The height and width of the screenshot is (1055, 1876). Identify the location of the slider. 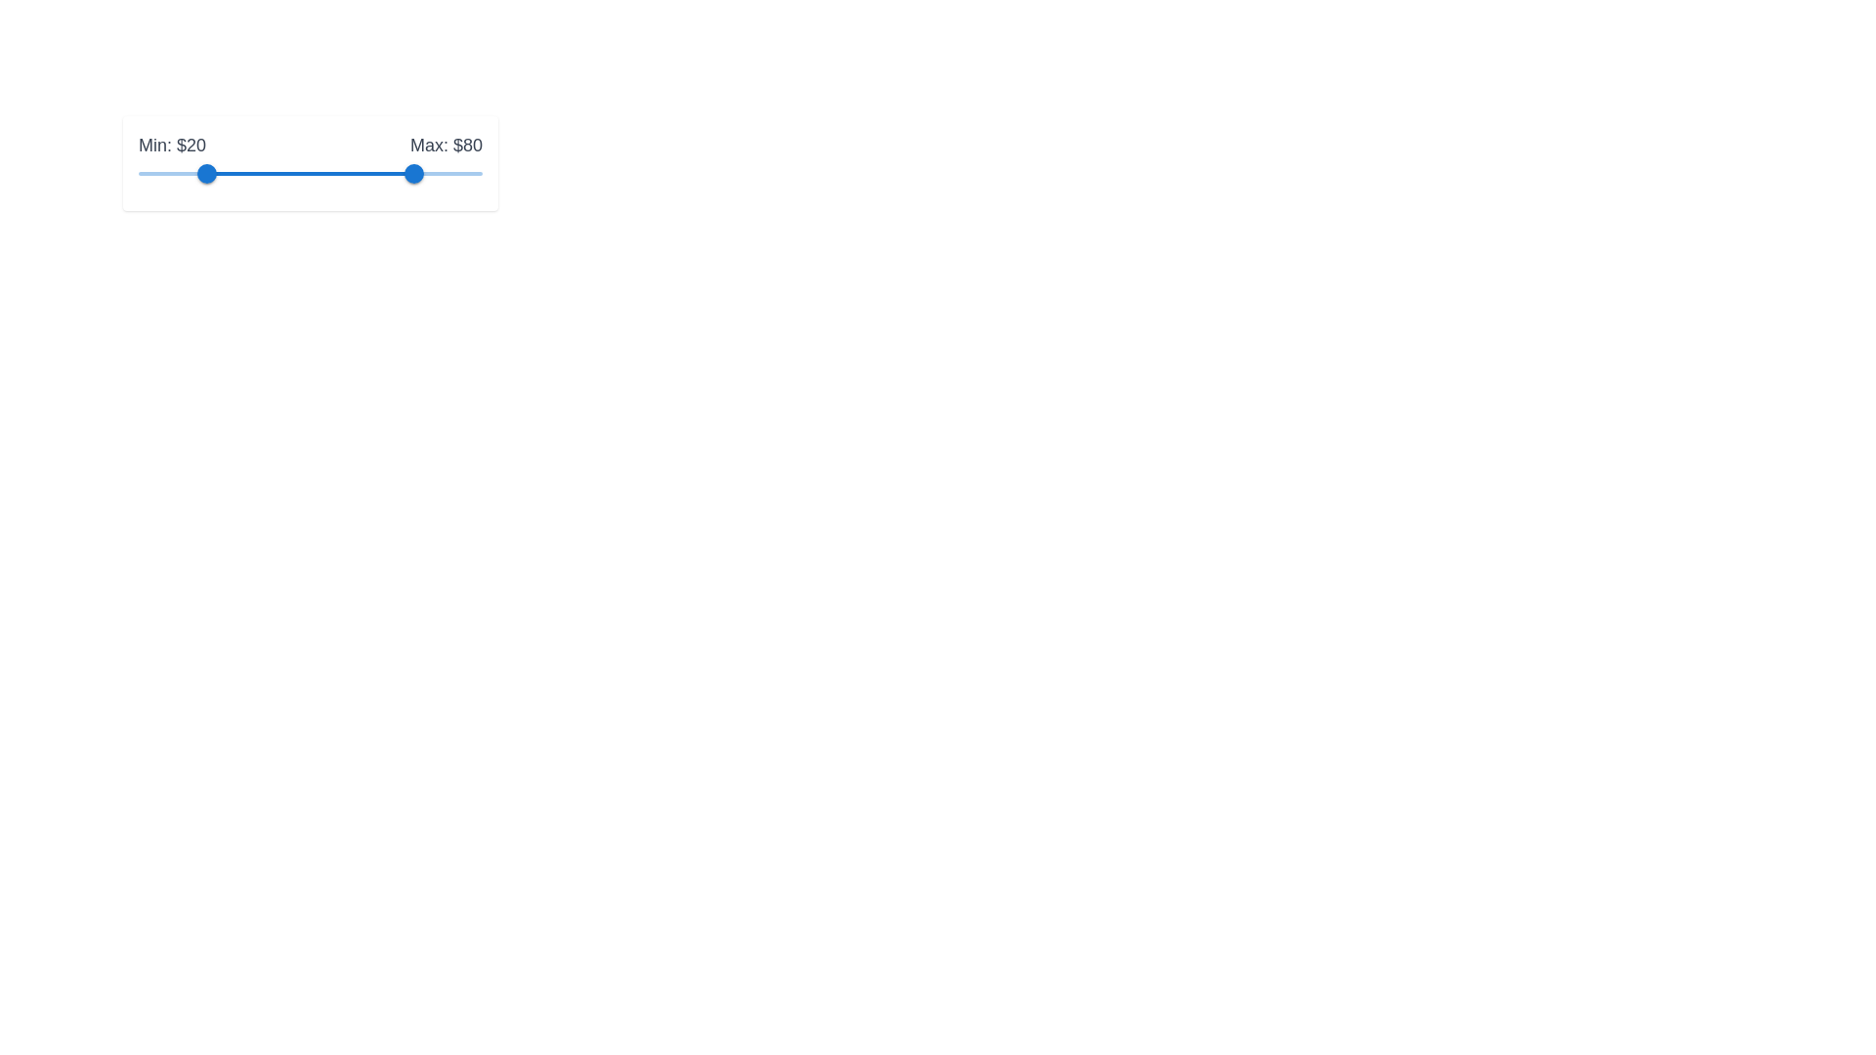
(345, 172).